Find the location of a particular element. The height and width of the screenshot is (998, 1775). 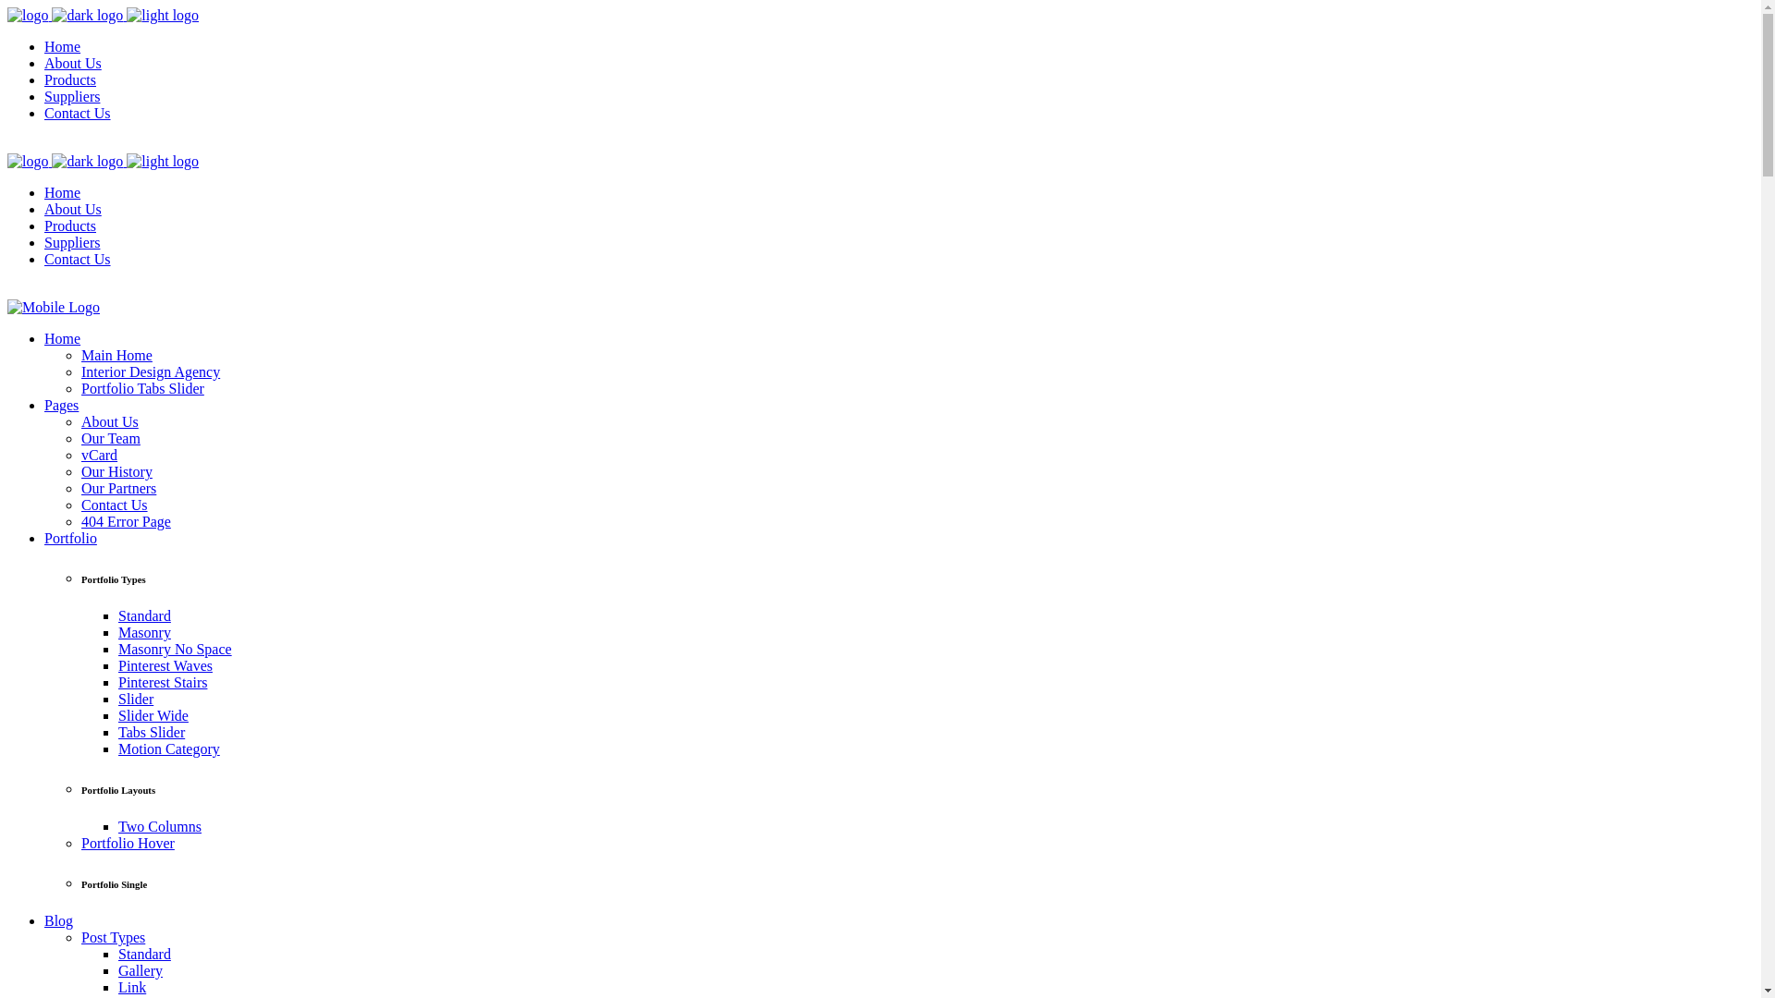

'Motion Category' is located at coordinates (168, 748).